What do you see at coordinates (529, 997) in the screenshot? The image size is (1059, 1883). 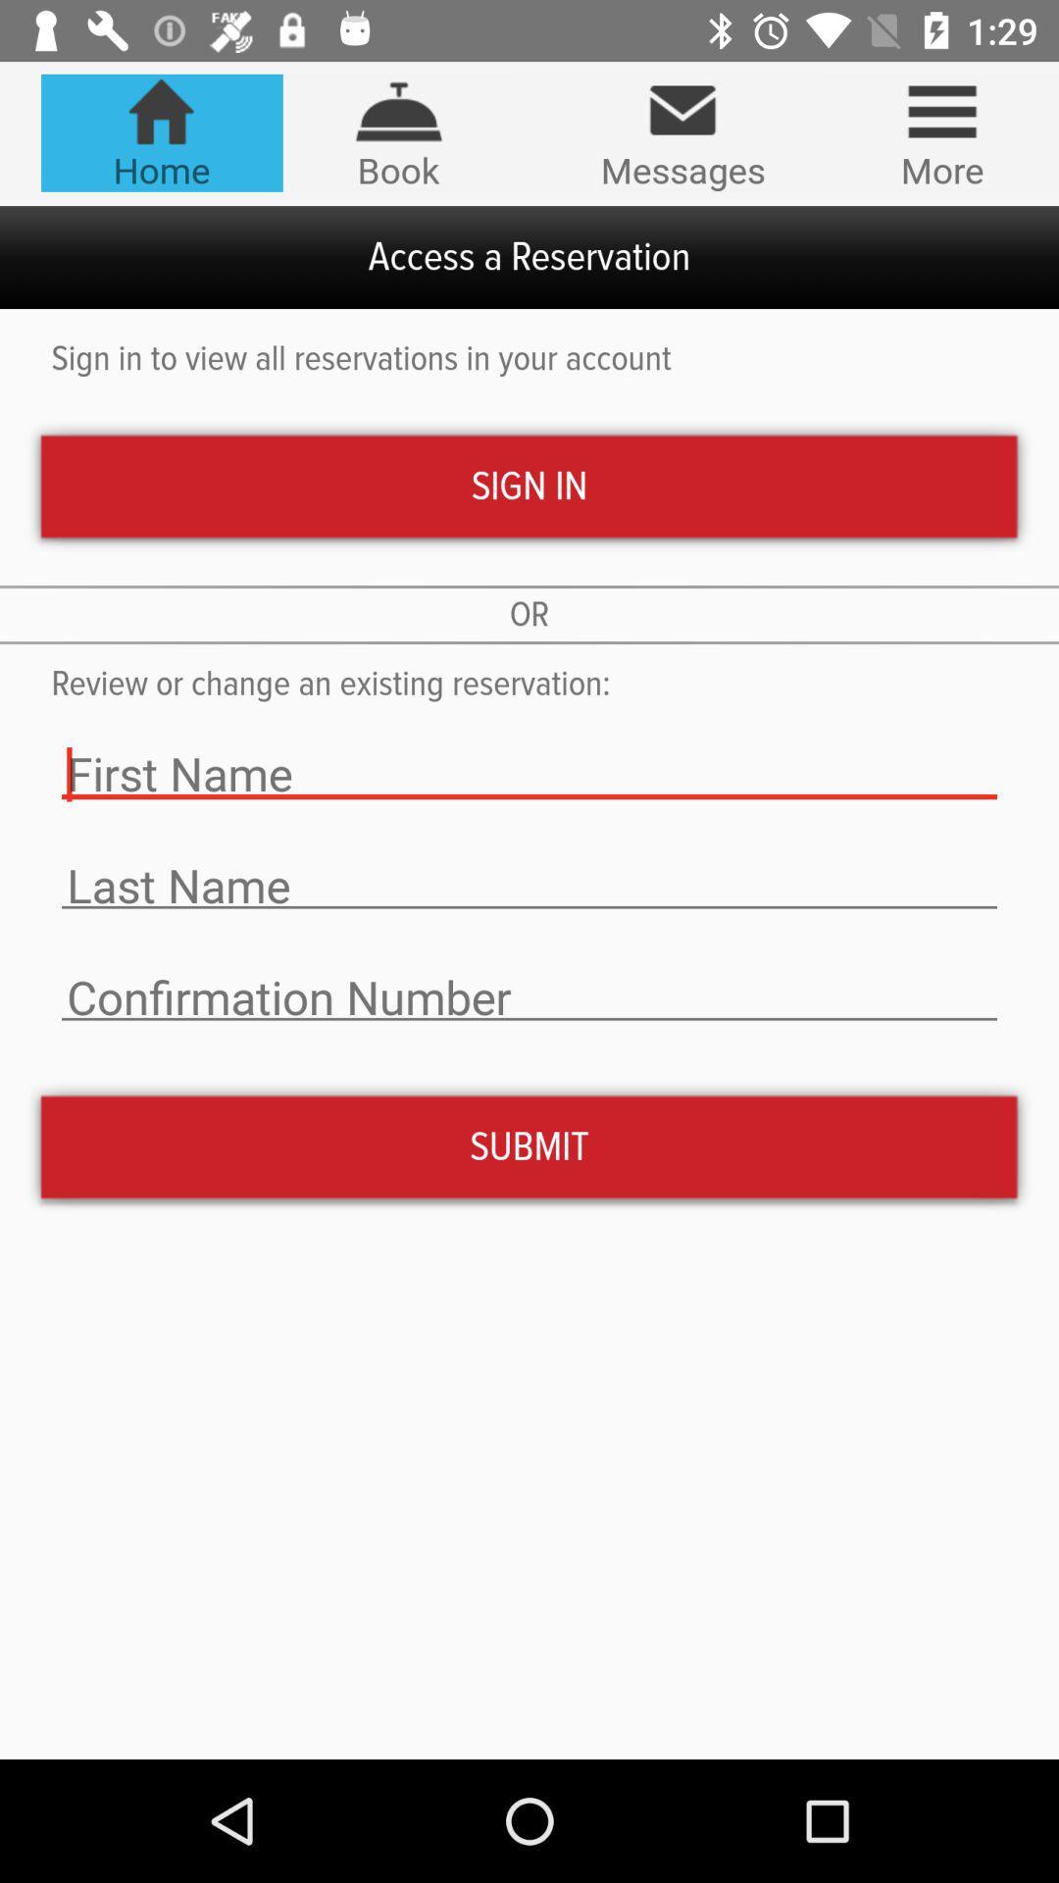 I see `the confirmation number field` at bounding box center [529, 997].